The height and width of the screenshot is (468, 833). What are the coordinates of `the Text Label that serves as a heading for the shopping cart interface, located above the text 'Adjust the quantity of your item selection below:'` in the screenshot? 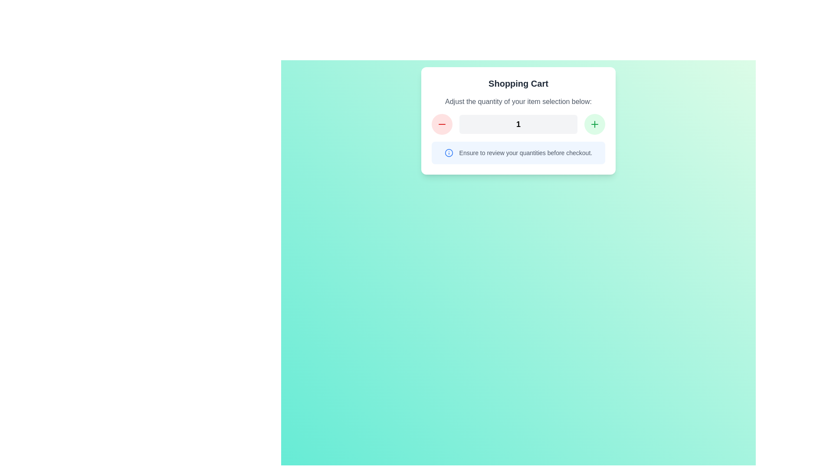 It's located at (518, 83).